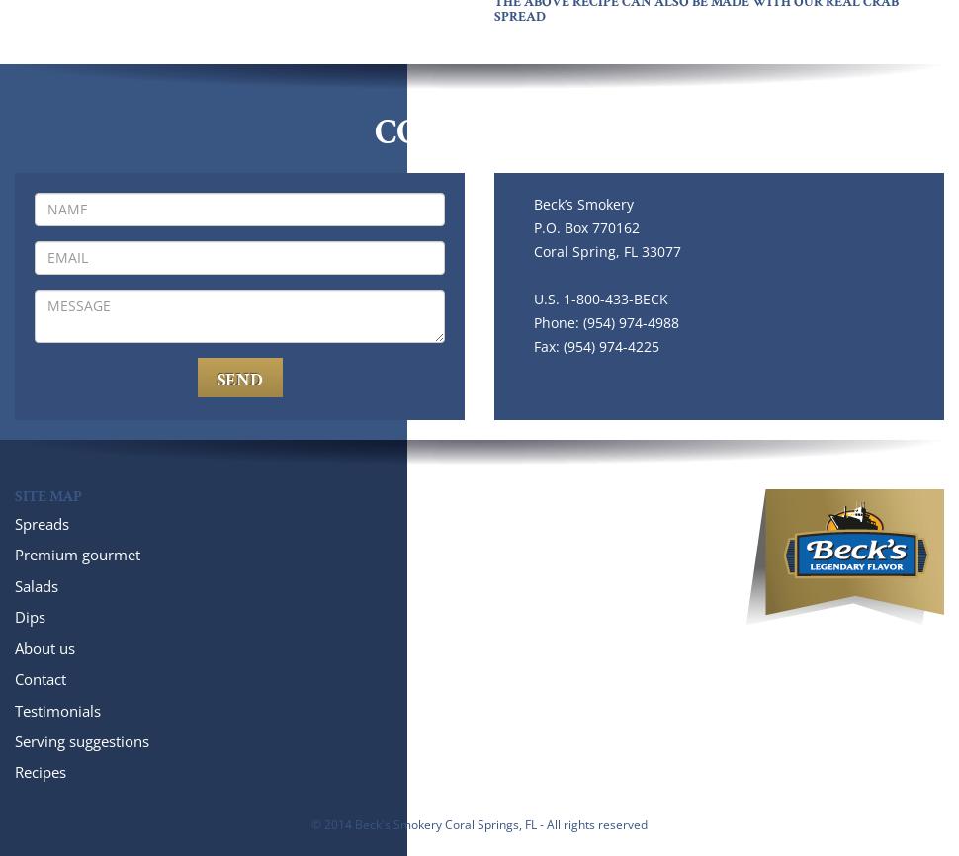  Describe the element at coordinates (44, 646) in the screenshot. I see `'About us'` at that location.